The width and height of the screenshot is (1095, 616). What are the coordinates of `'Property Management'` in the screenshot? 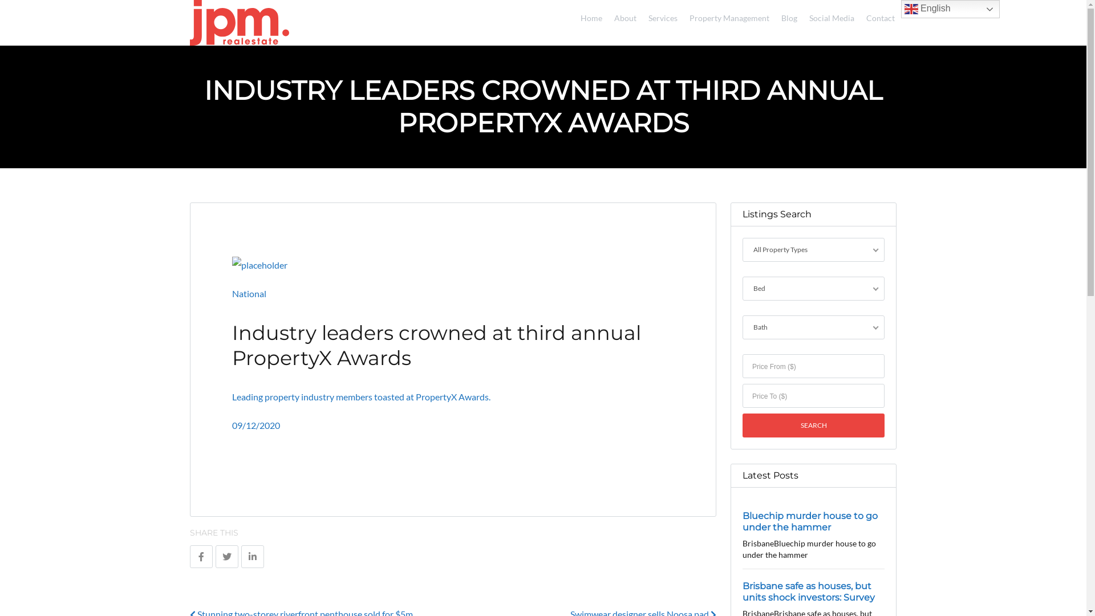 It's located at (725, 15).